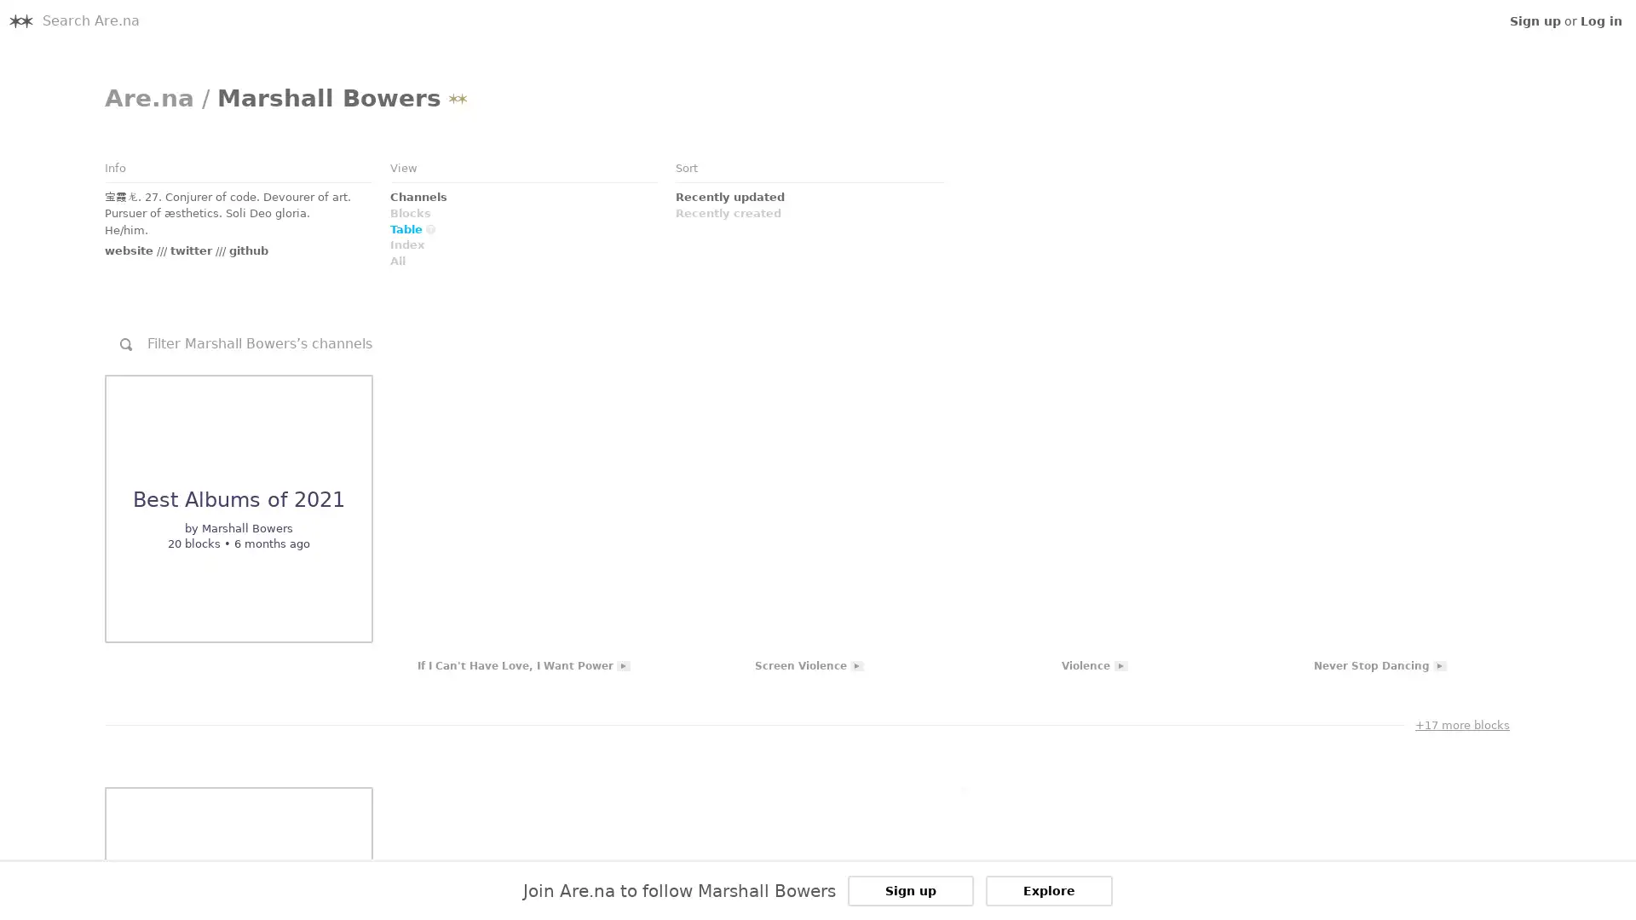 This screenshot has width=1636, height=920. What do you see at coordinates (522, 507) in the screenshot?
I see `Link to Embed: If I Can't Have Love, I Want Power` at bounding box center [522, 507].